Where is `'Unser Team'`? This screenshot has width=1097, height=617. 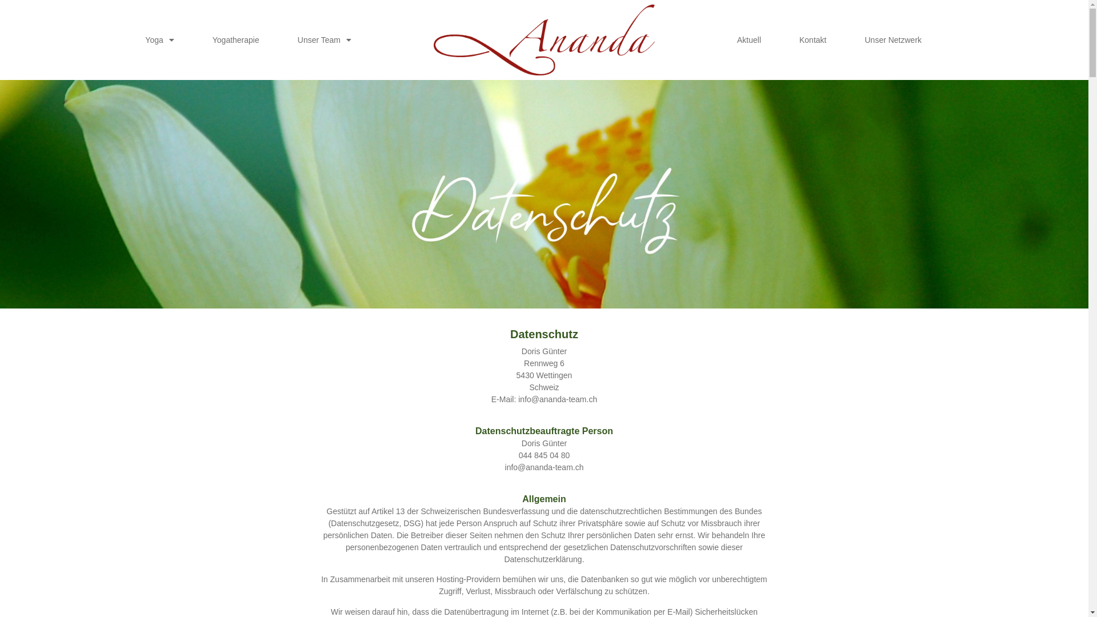
'Unser Team' is located at coordinates (286, 39).